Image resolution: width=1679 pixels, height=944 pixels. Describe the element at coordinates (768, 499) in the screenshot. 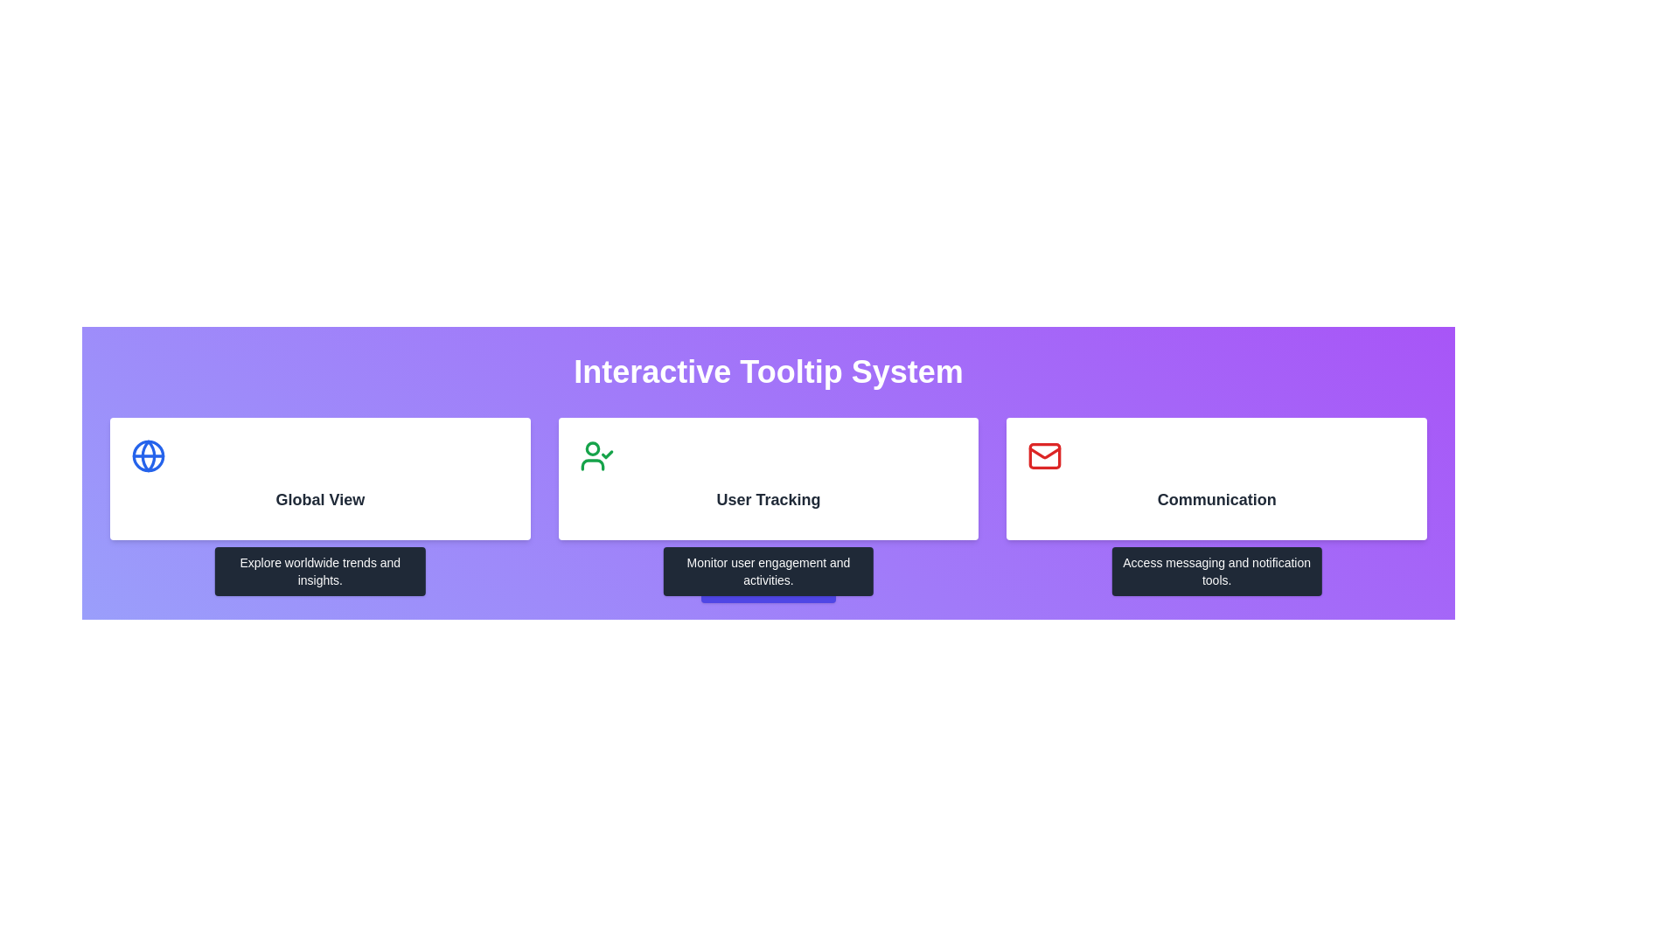

I see `the title label indicating user tracking, which is centrally positioned under the green user check mark icon` at that location.